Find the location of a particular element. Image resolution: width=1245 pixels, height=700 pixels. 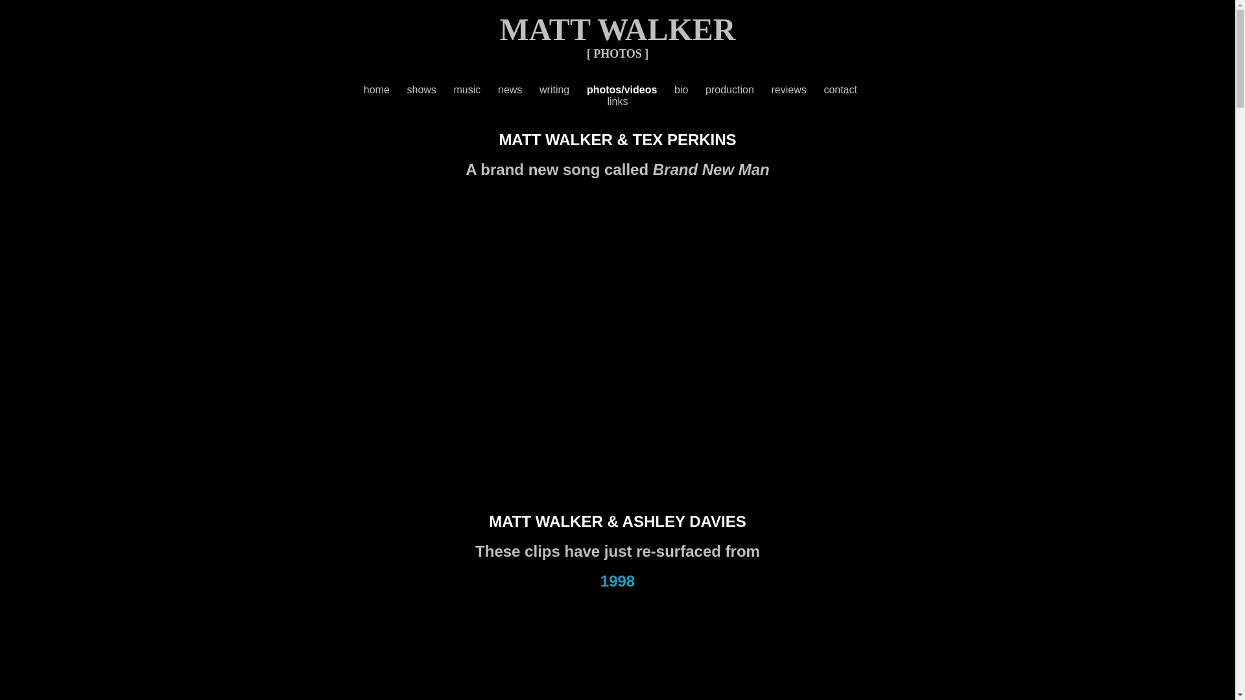

'photos/videos     ' is located at coordinates (586, 89).